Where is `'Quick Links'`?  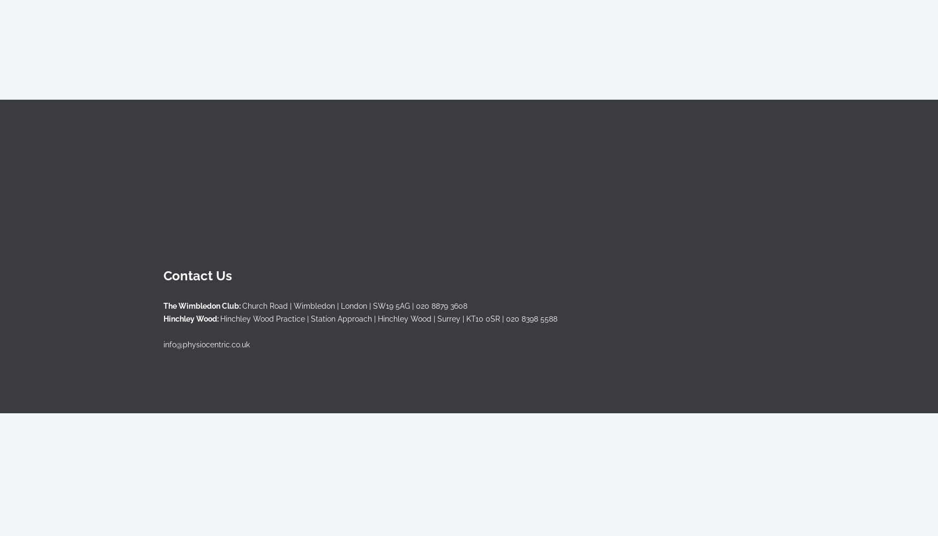
'Quick Links' is located at coordinates (163, 131).